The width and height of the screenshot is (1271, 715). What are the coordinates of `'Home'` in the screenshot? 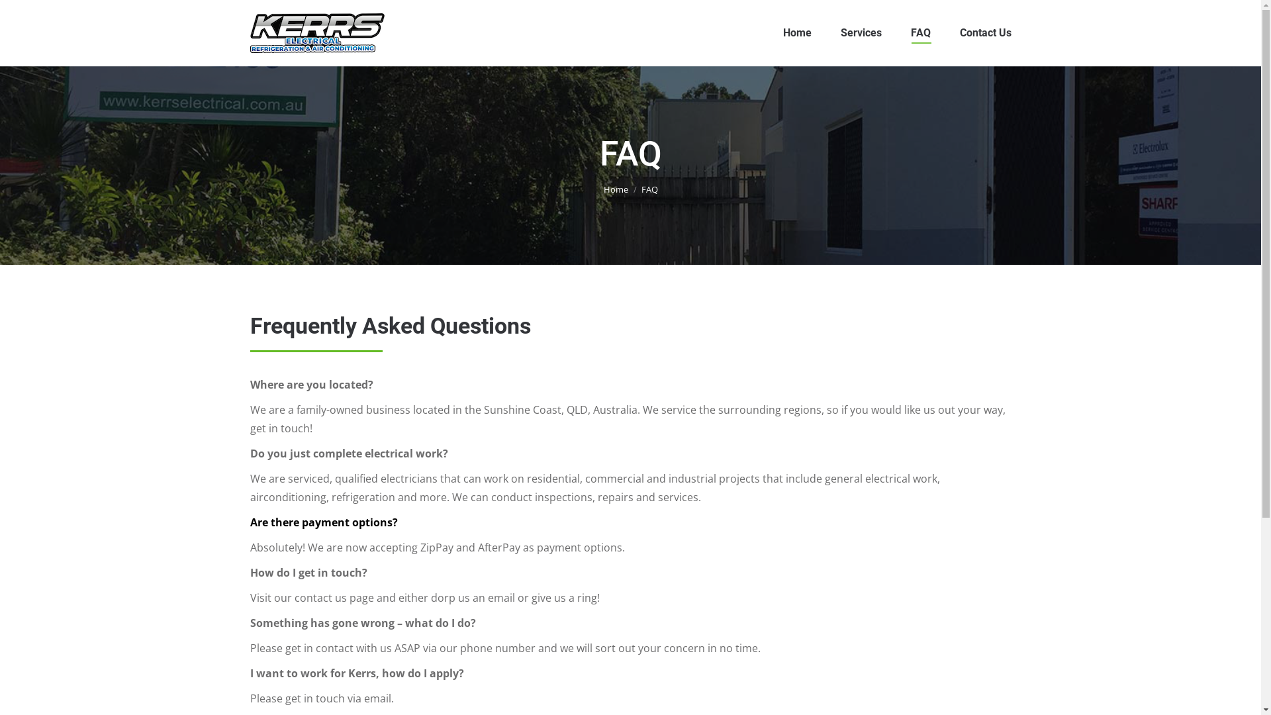 It's located at (796, 32).